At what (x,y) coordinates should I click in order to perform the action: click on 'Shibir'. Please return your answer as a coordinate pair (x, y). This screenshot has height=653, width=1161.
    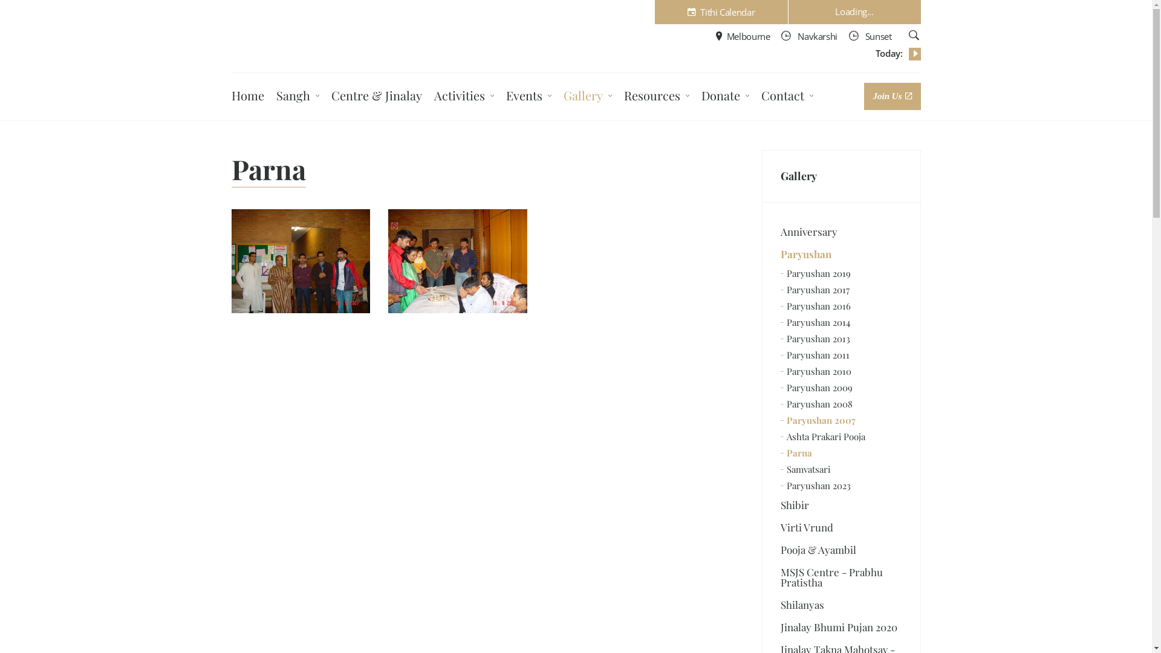
    Looking at the image, I should click on (781, 505).